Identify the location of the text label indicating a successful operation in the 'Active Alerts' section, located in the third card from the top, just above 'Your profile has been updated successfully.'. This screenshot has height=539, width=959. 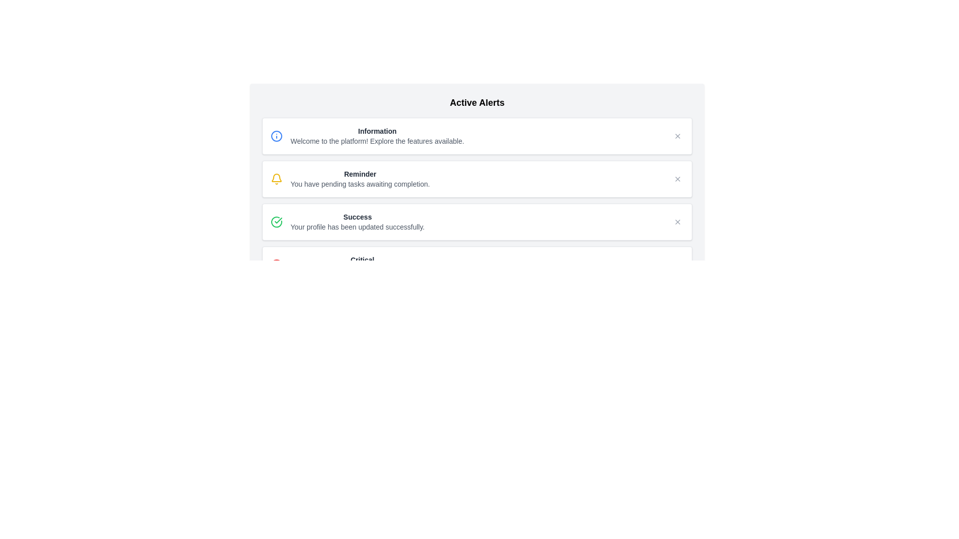
(357, 217).